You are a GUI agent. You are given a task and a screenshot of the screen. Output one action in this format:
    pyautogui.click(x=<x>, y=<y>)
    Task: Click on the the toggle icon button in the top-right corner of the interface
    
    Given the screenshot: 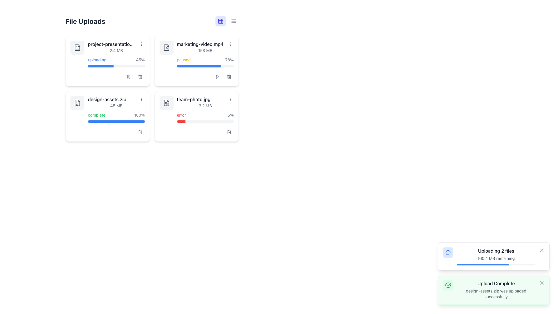 What is the action you would take?
    pyautogui.click(x=220, y=21)
    